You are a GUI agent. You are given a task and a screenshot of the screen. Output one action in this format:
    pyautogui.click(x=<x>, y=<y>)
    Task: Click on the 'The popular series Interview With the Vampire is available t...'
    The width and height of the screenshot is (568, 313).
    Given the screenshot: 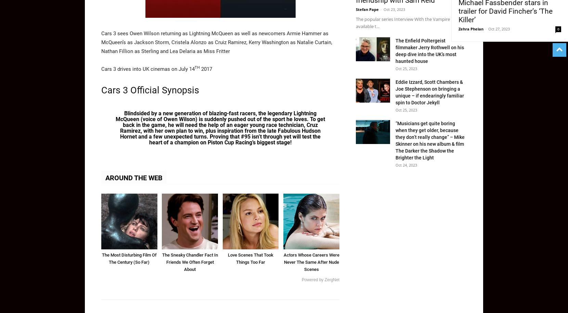 What is the action you would take?
    pyautogui.click(x=355, y=22)
    